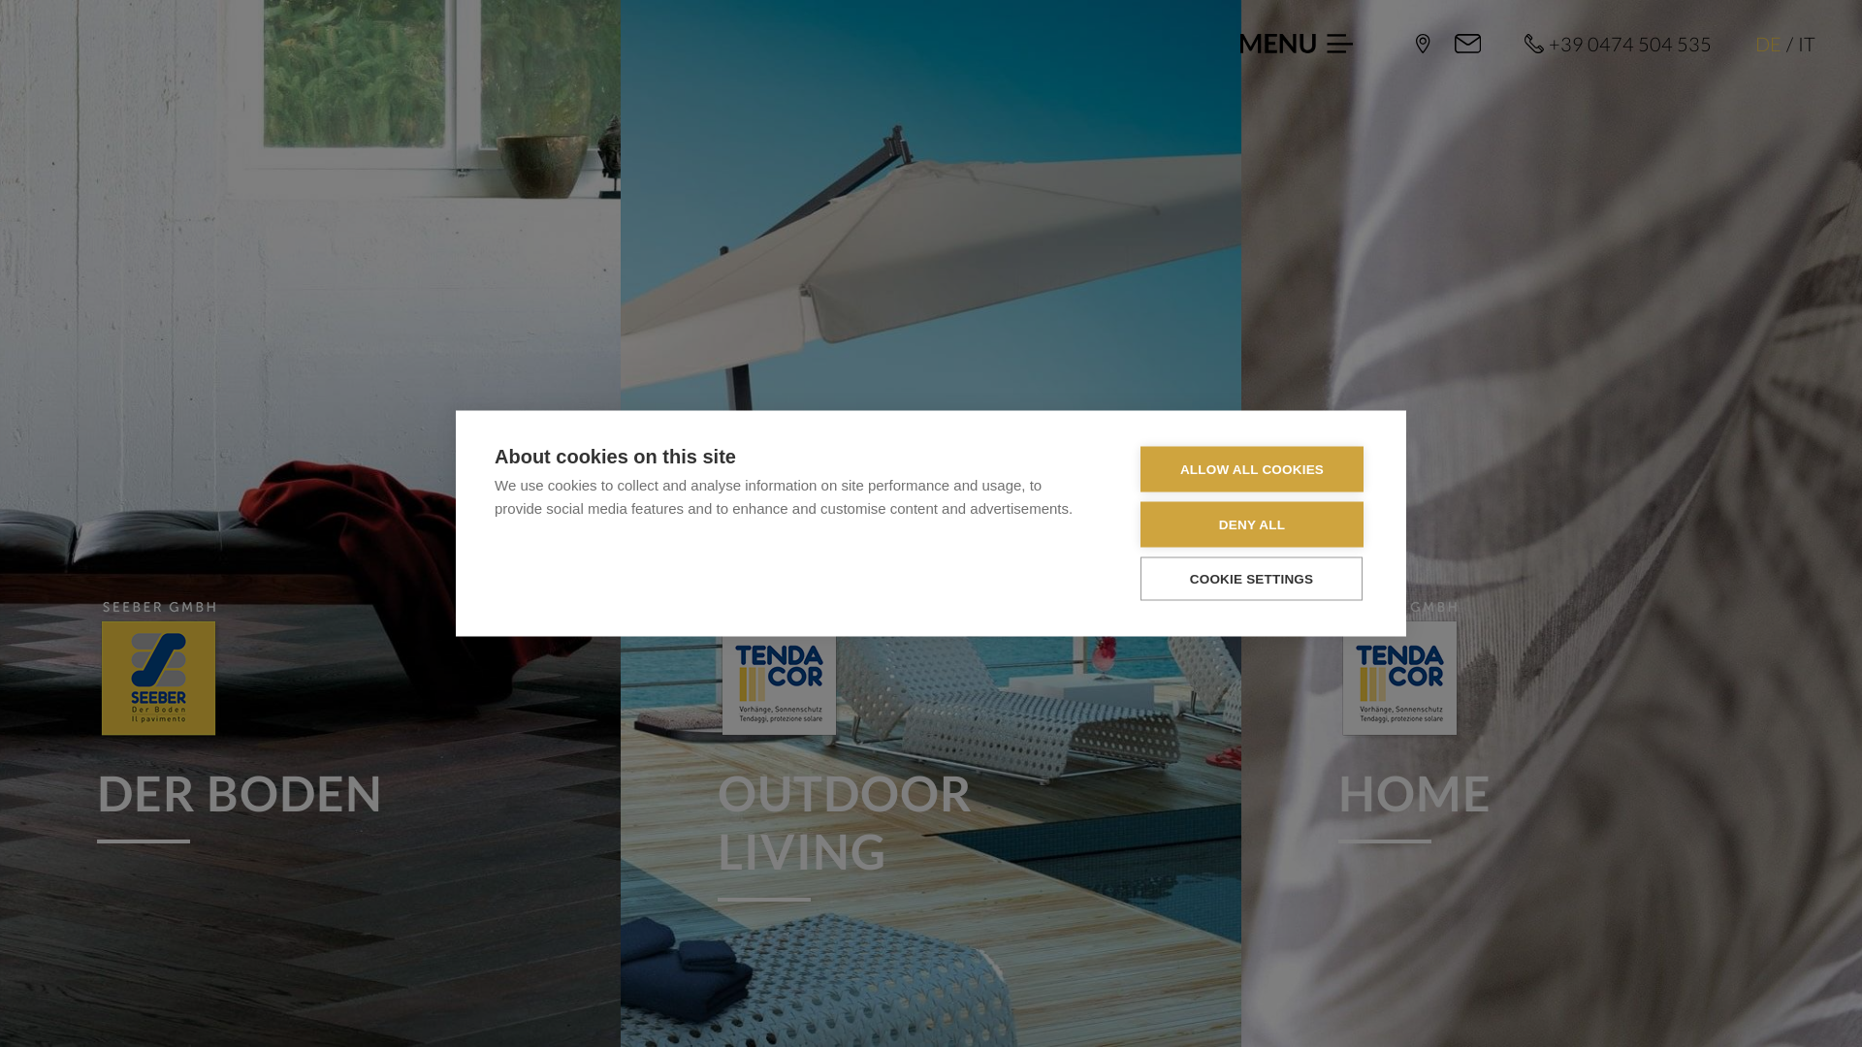  Describe the element at coordinates (96, 722) in the screenshot. I see `'DER BODEN'` at that location.